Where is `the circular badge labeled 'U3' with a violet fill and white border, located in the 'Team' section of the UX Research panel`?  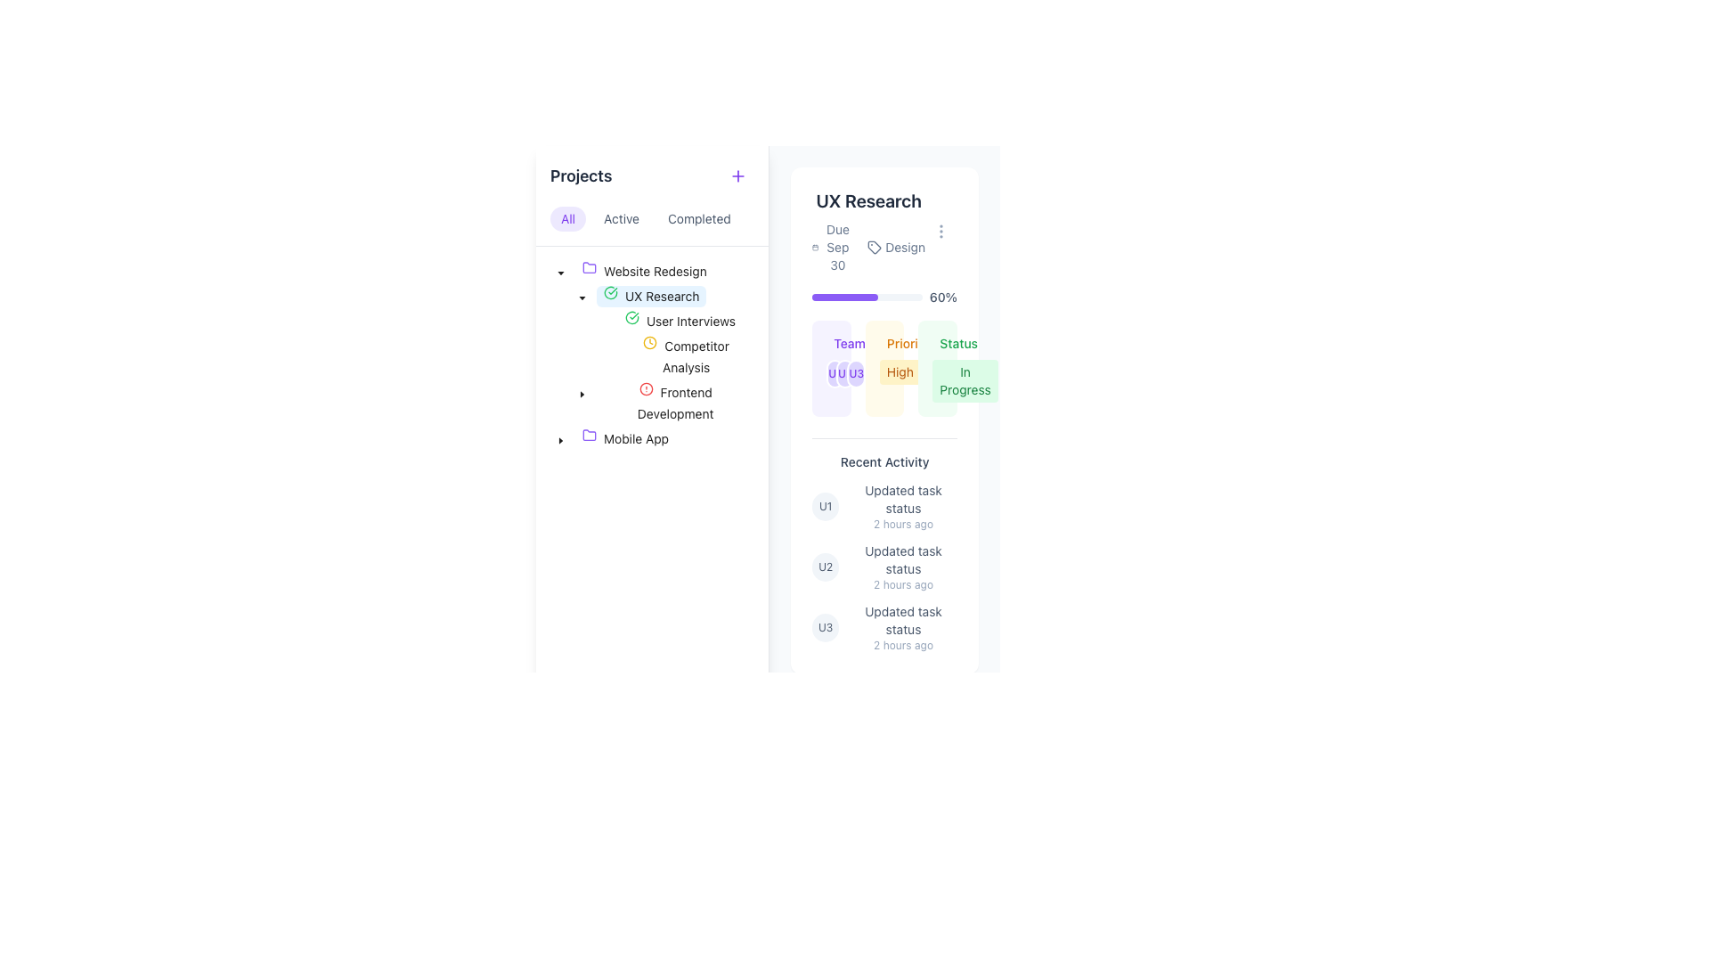
the circular badge labeled 'U3' with a violet fill and white border, located in the 'Team' section of the UX Research panel is located at coordinates (856, 373).